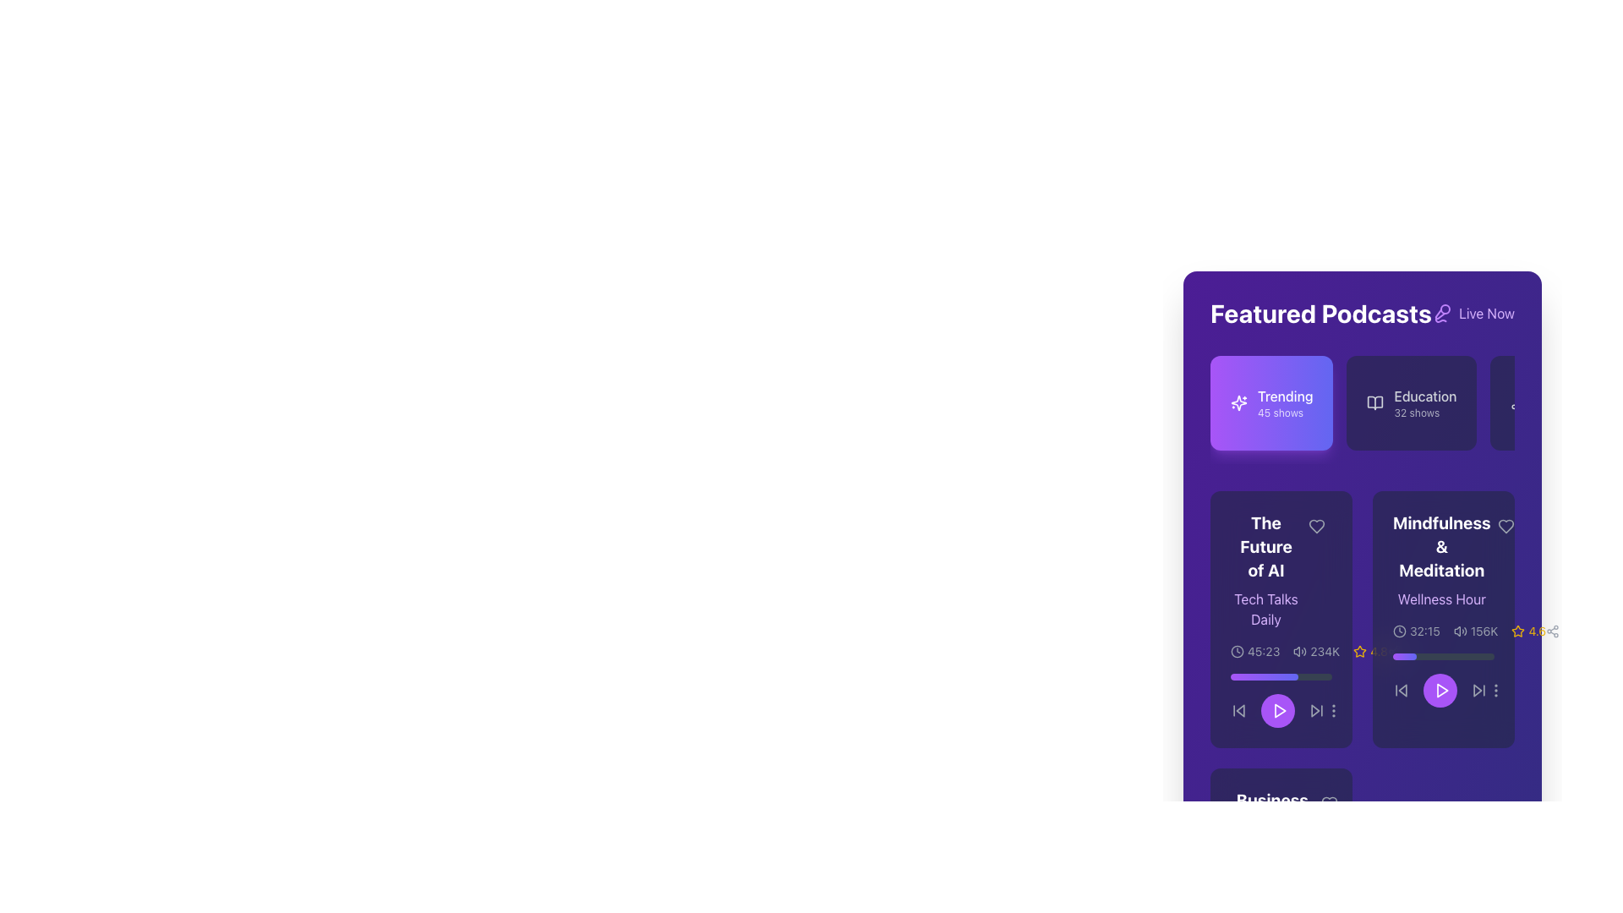 The image size is (1623, 913). I want to click on the Information bar containing multiple labels and icons under the podcast title 'The Future of AI', so click(1309, 651).